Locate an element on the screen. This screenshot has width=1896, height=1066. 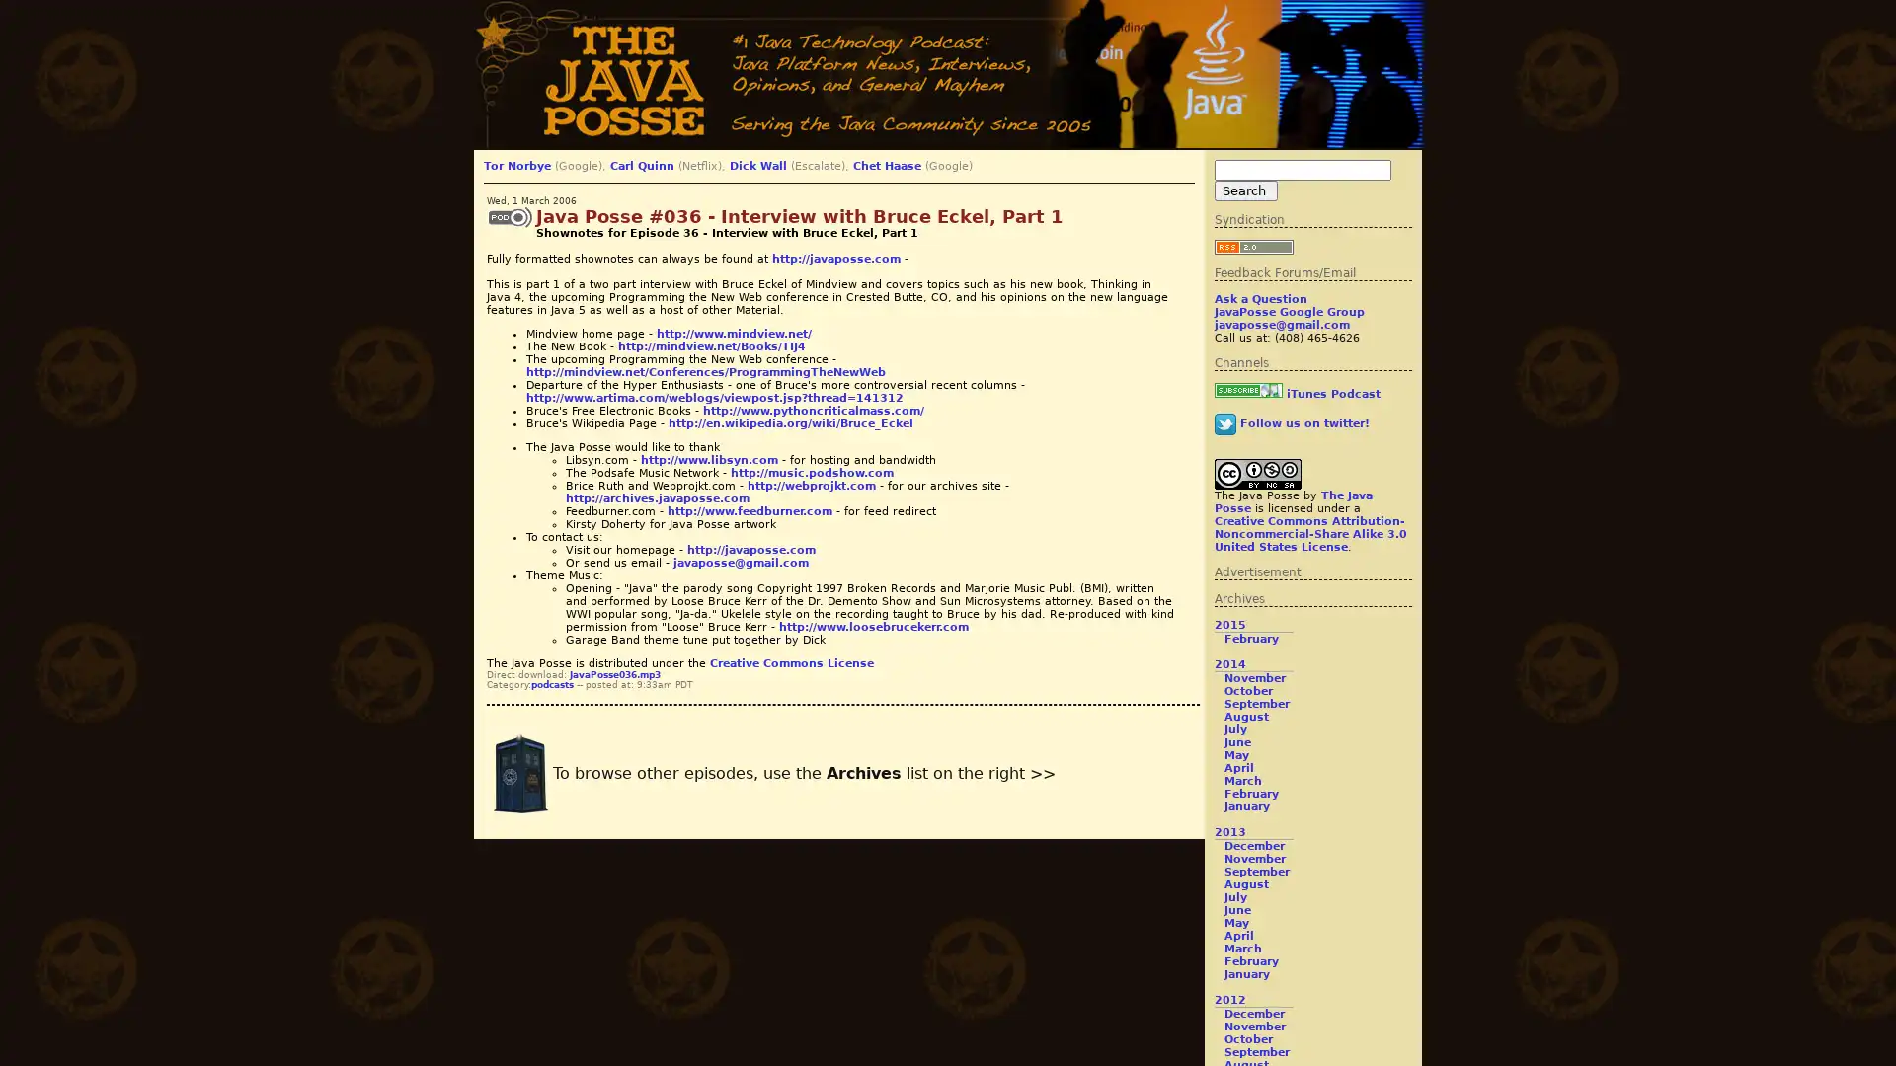
Search is located at coordinates (1245, 190).